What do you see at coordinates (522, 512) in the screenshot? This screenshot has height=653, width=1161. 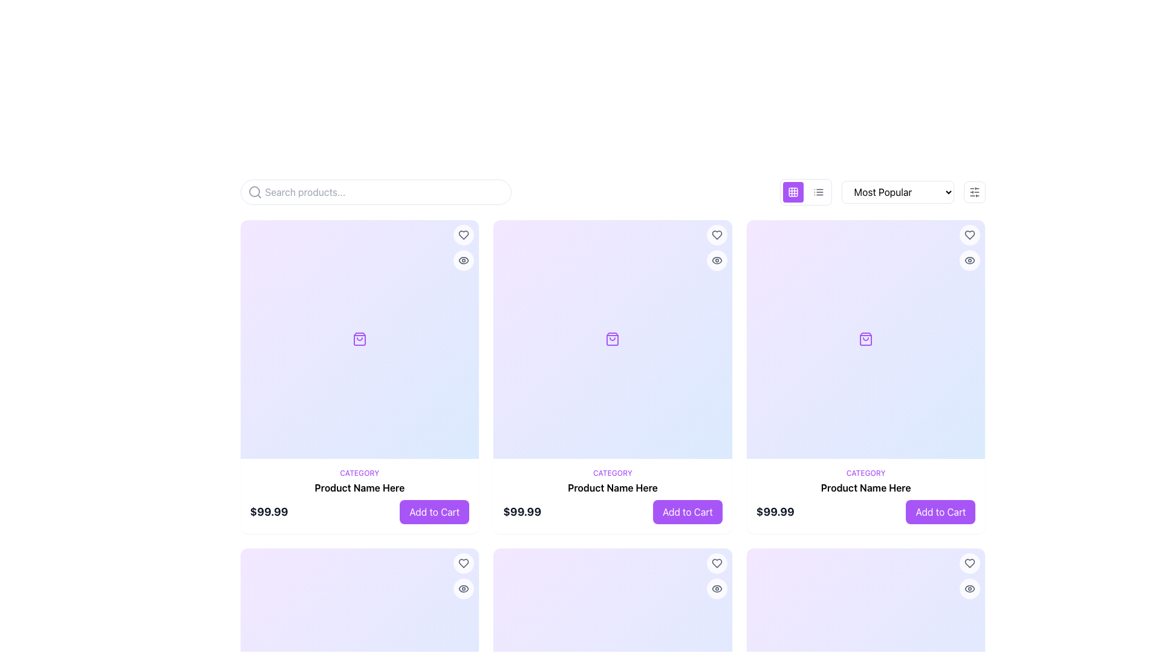 I see `the text '$99.99' displayed in bold and dark font within the middle product card to trigger any tooltip or highlight` at bounding box center [522, 512].